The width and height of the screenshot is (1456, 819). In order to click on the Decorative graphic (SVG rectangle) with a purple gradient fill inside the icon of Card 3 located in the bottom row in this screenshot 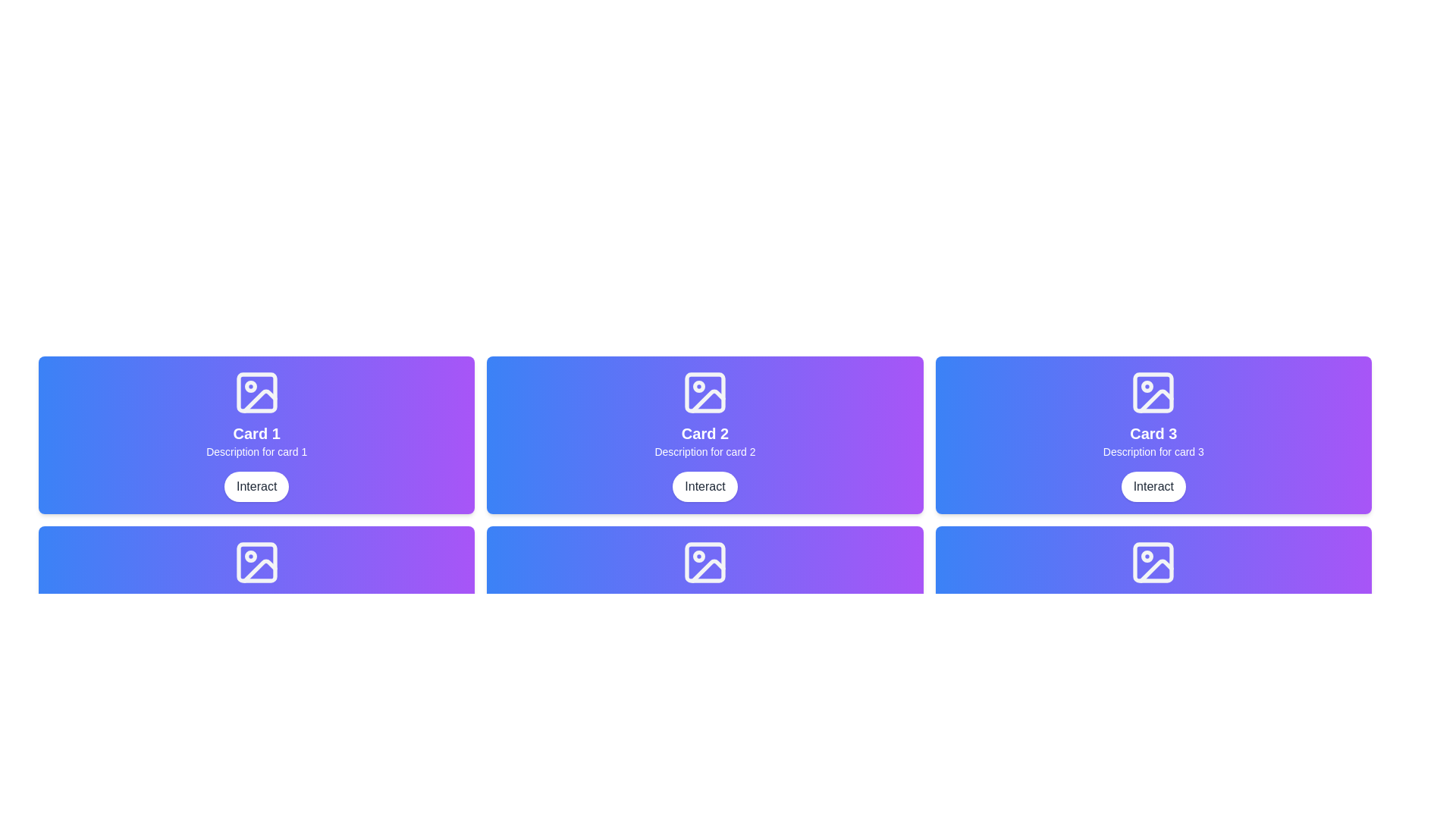, I will do `click(1153, 562)`.